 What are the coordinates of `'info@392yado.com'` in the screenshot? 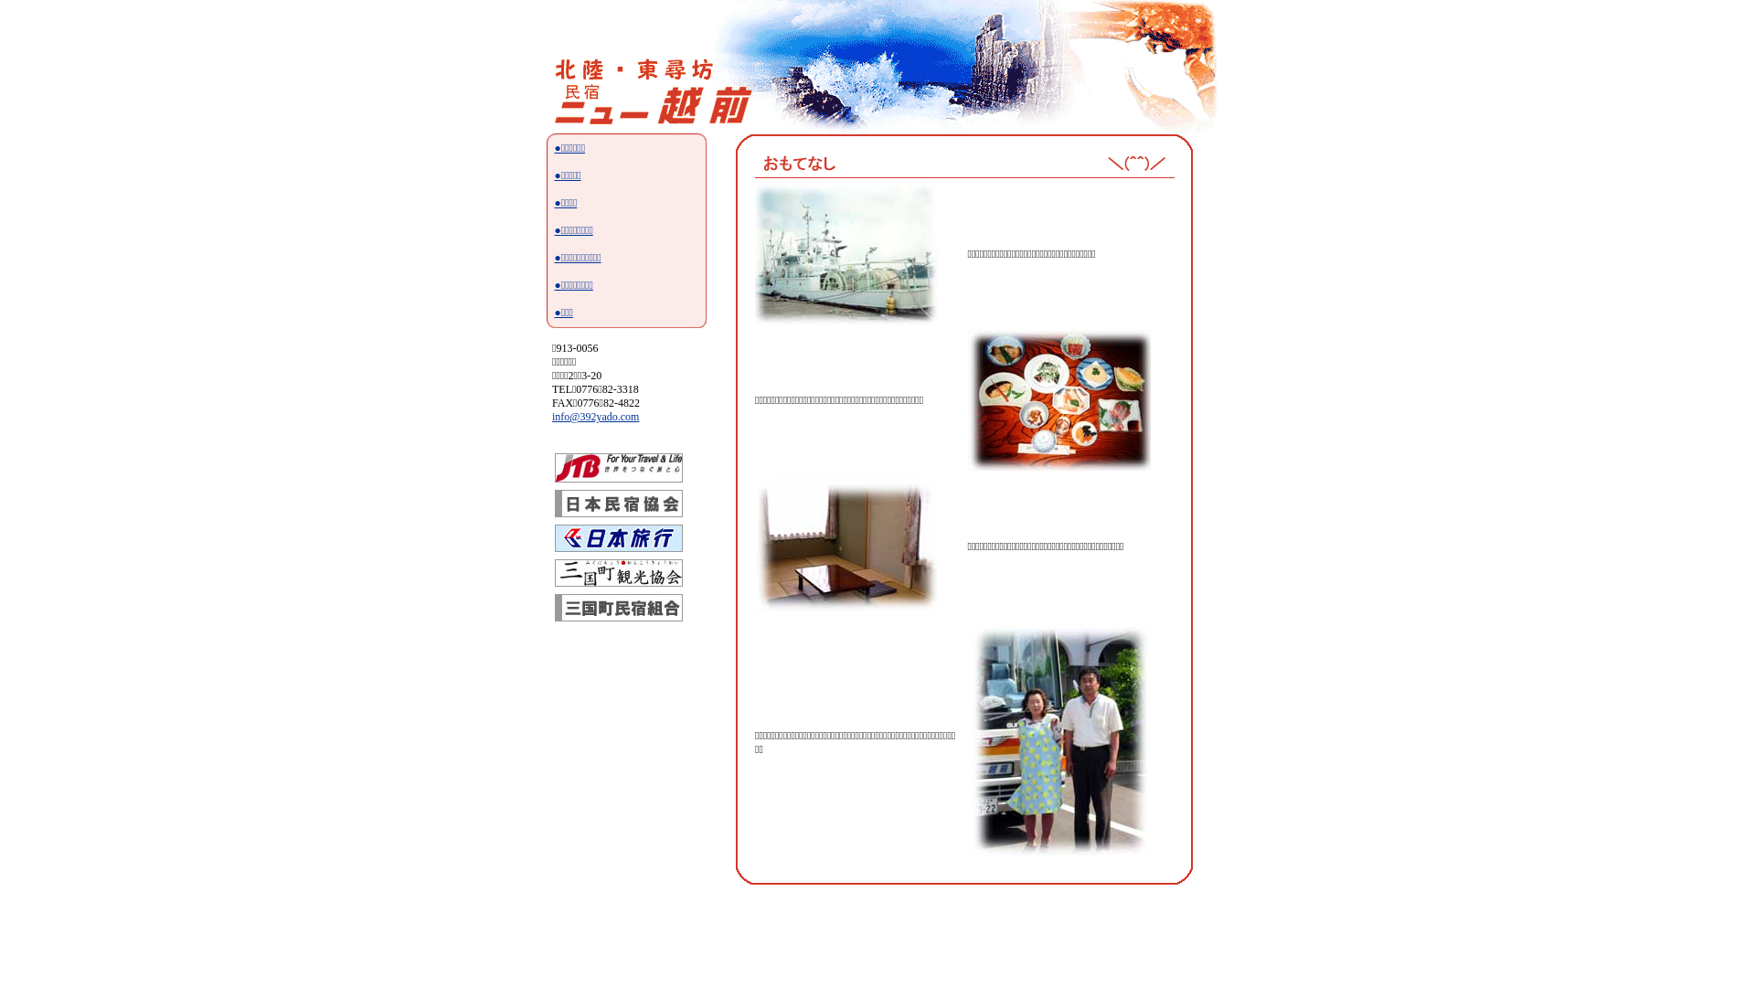 It's located at (595, 416).